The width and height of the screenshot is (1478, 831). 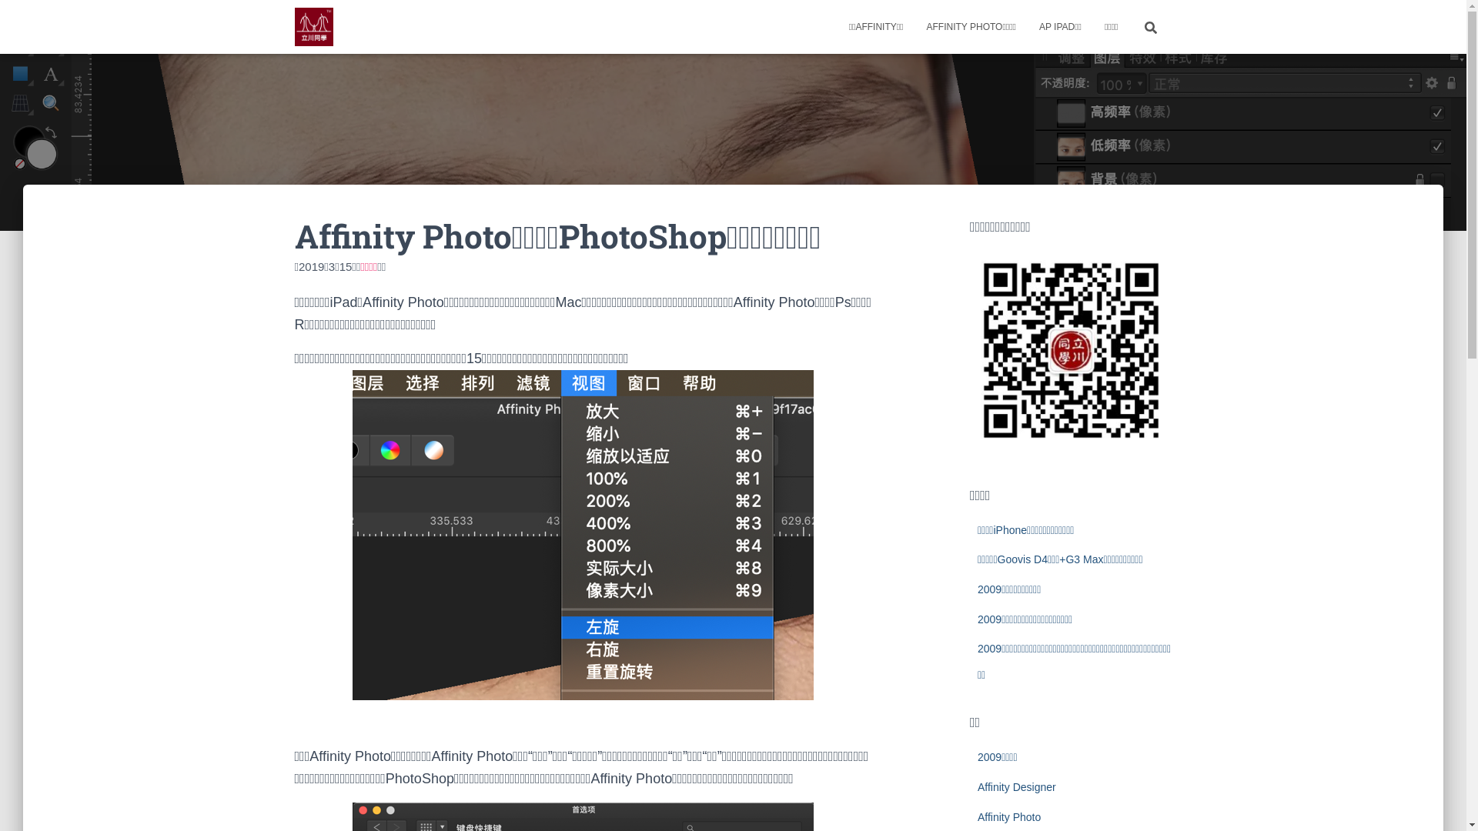 I want to click on 'Affinity Designer', so click(x=977, y=786).